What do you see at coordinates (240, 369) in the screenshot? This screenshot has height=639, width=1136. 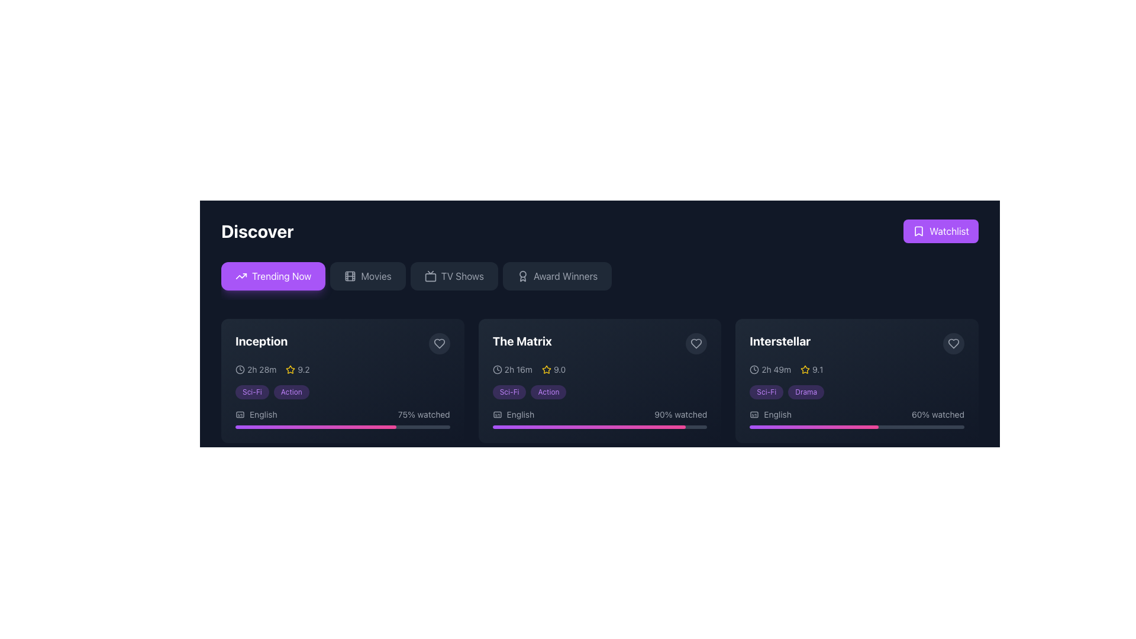 I see `the outer circle in the clock-like SVG icon on the left side of the rating information within the 'Inception' movie card` at bounding box center [240, 369].